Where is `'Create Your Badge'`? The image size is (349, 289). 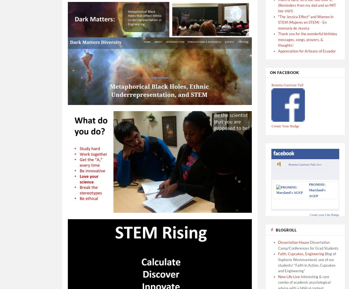
'Create Your Badge' is located at coordinates (285, 126).